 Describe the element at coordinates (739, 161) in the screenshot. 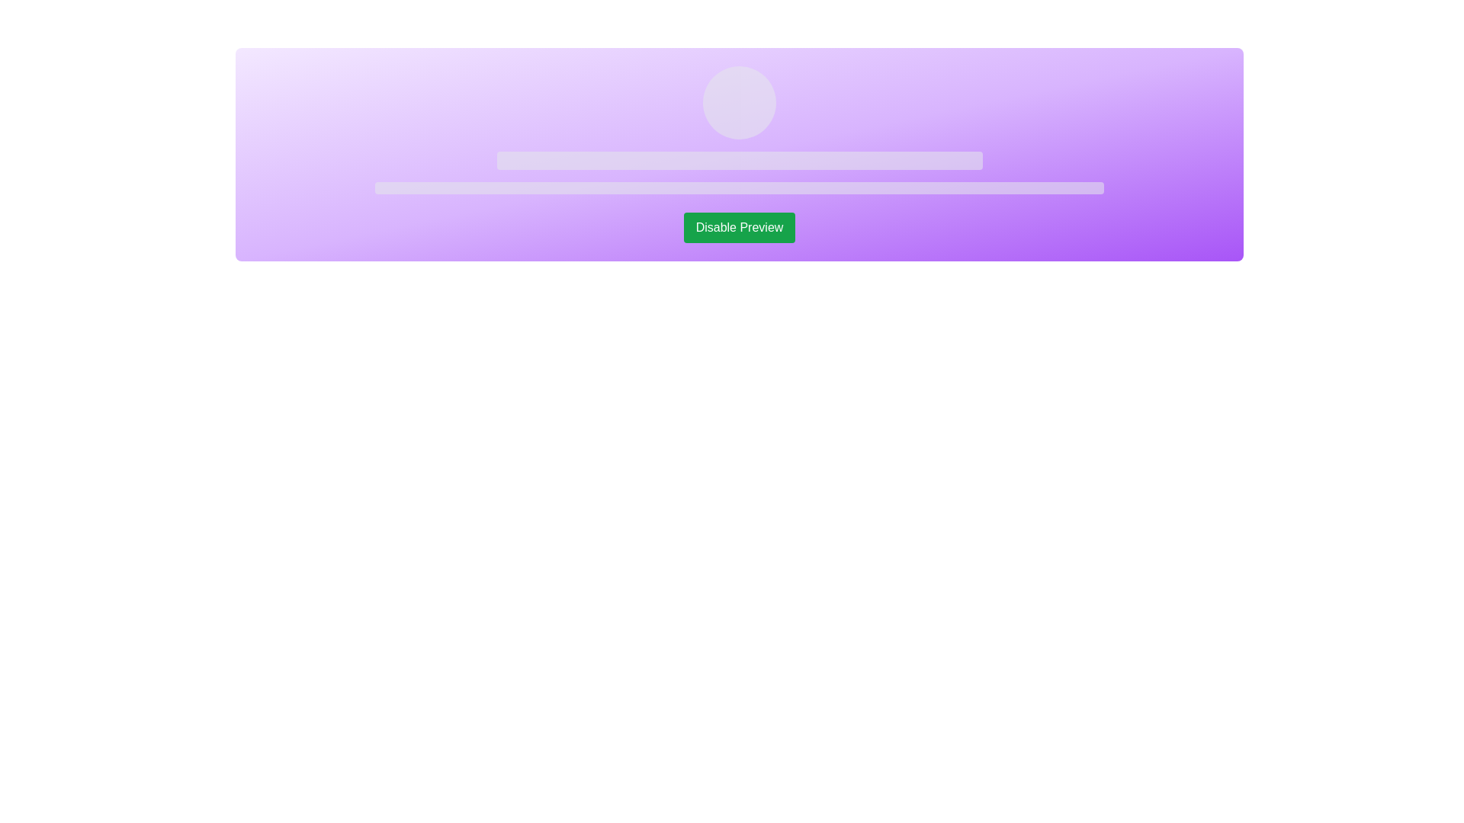

I see `the decorative bar element, which serves as a visual separation within the layout` at that location.